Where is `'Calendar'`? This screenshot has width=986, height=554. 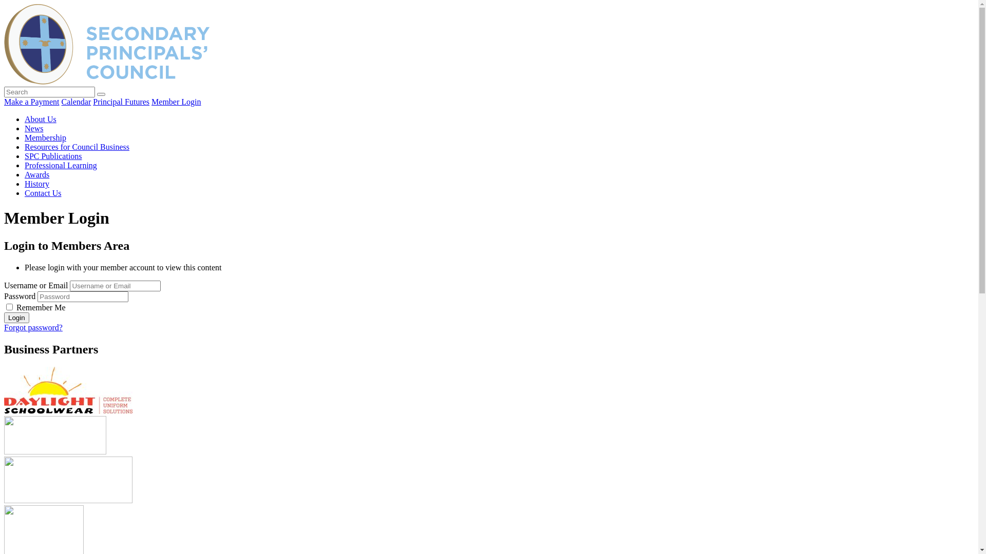
'Calendar' is located at coordinates (75, 102).